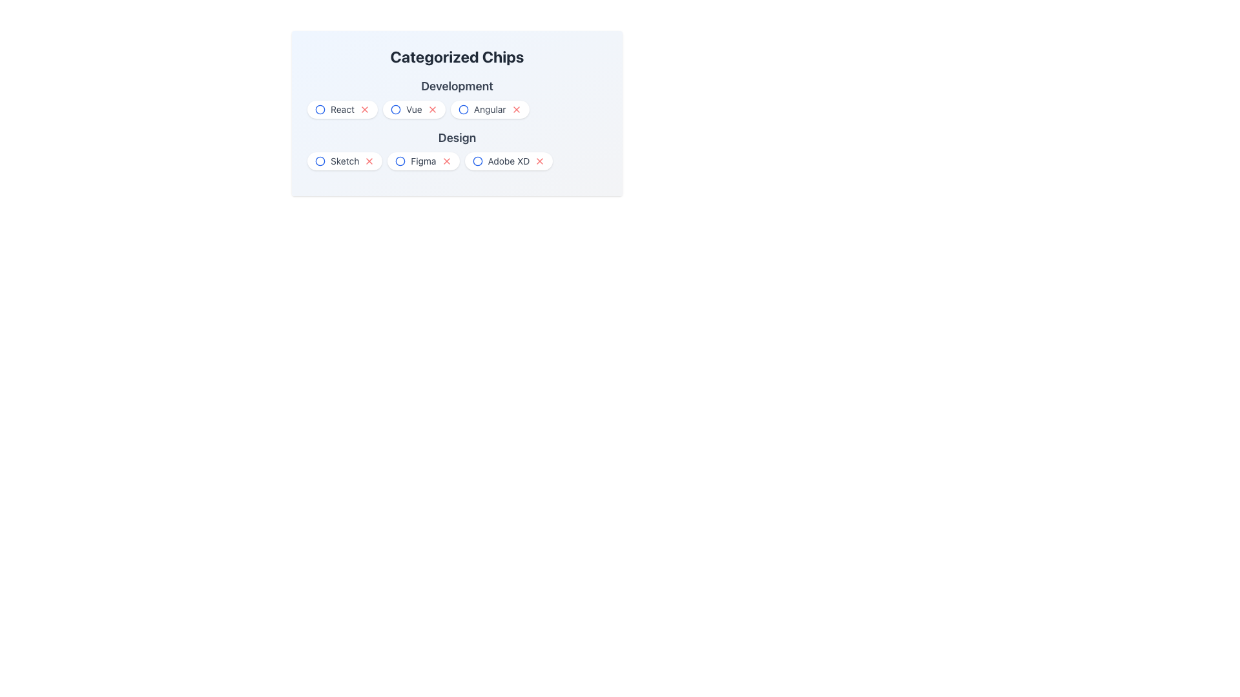 Image resolution: width=1240 pixels, height=697 pixels. Describe the element at coordinates (423, 161) in the screenshot. I see `text label displaying 'Figma' which is part of a pill-shaped button in the 'Design' category under 'Categorized Chips'` at that location.